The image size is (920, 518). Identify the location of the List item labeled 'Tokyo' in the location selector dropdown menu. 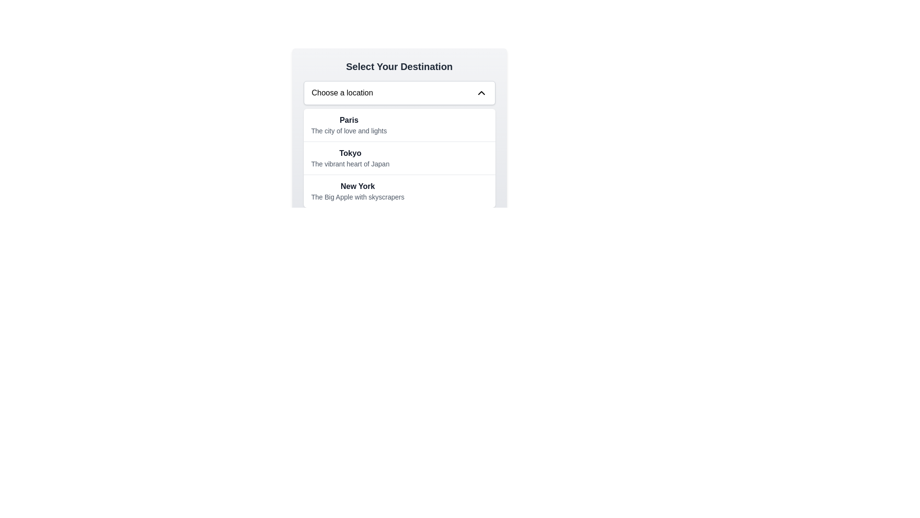
(350, 158).